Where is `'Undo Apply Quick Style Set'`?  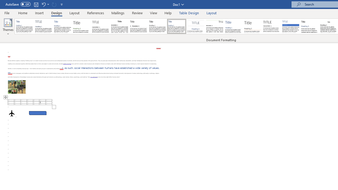 'Undo Apply Quick Style Set' is located at coordinates (43, 4).